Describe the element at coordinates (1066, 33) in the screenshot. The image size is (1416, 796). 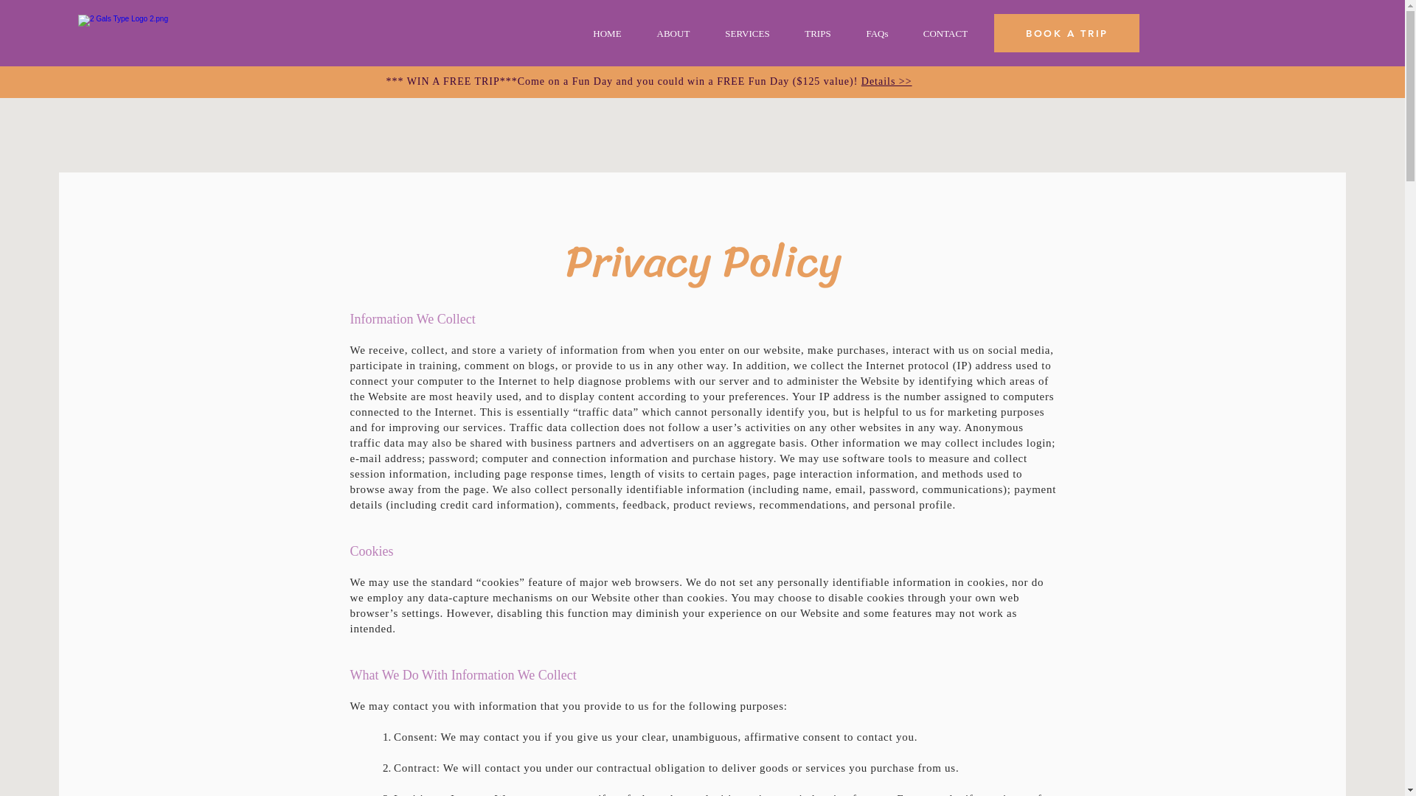
I see `'BOOK A TRIP'` at that location.